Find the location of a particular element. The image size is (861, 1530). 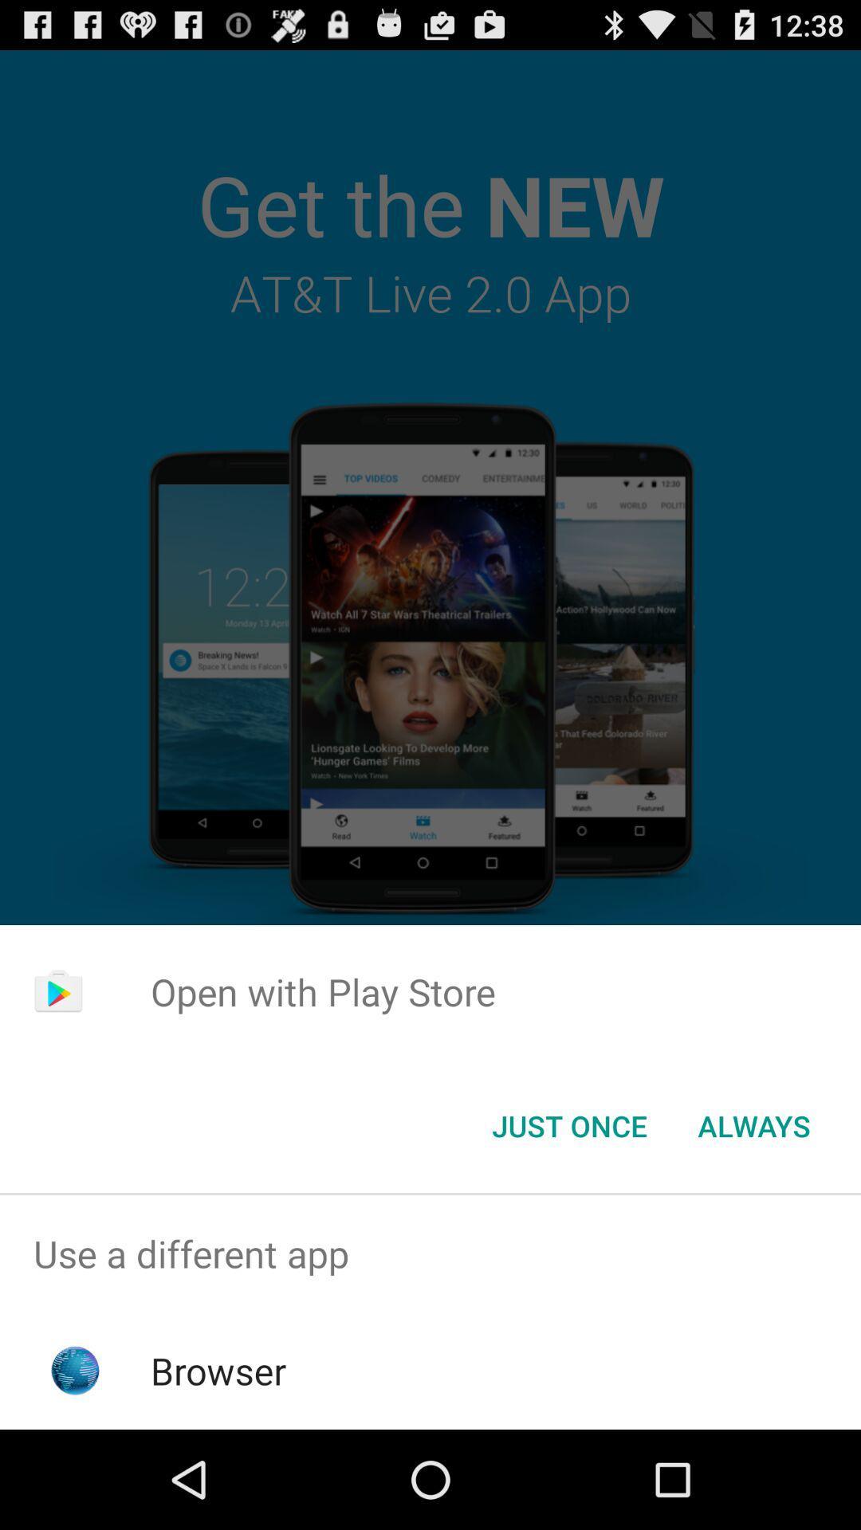

browser item is located at coordinates (218, 1370).